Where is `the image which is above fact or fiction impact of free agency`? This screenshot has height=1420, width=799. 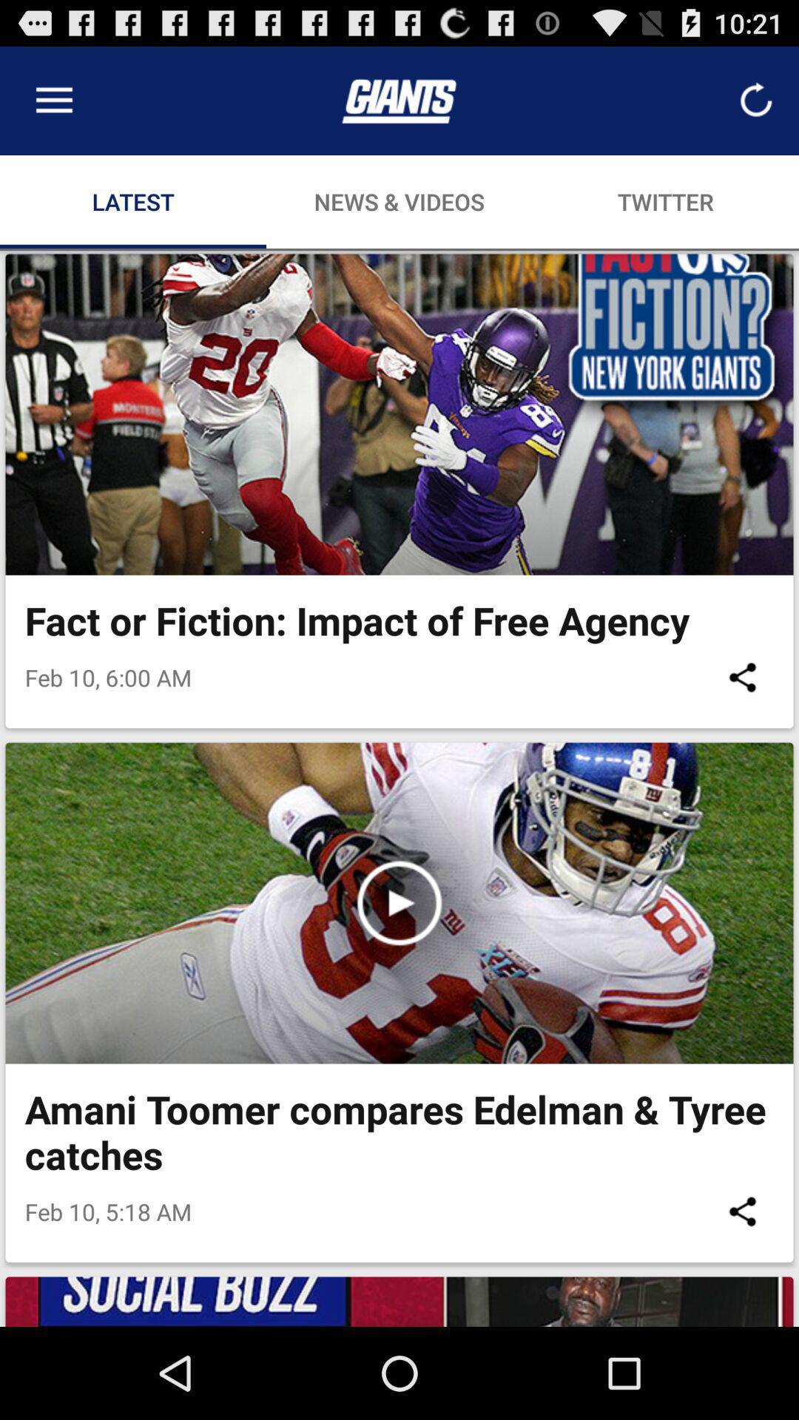 the image which is above fact or fiction impact of free agency is located at coordinates (399, 414).